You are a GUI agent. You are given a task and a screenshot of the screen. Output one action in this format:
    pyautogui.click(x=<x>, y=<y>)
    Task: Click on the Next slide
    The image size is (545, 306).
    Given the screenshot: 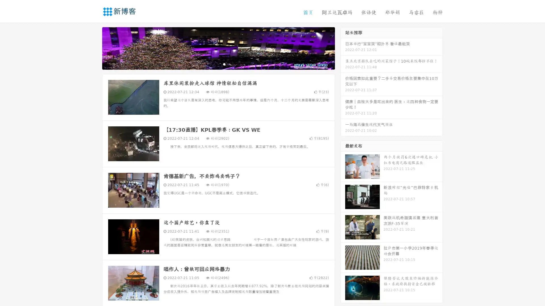 What is the action you would take?
    pyautogui.click(x=343, y=48)
    